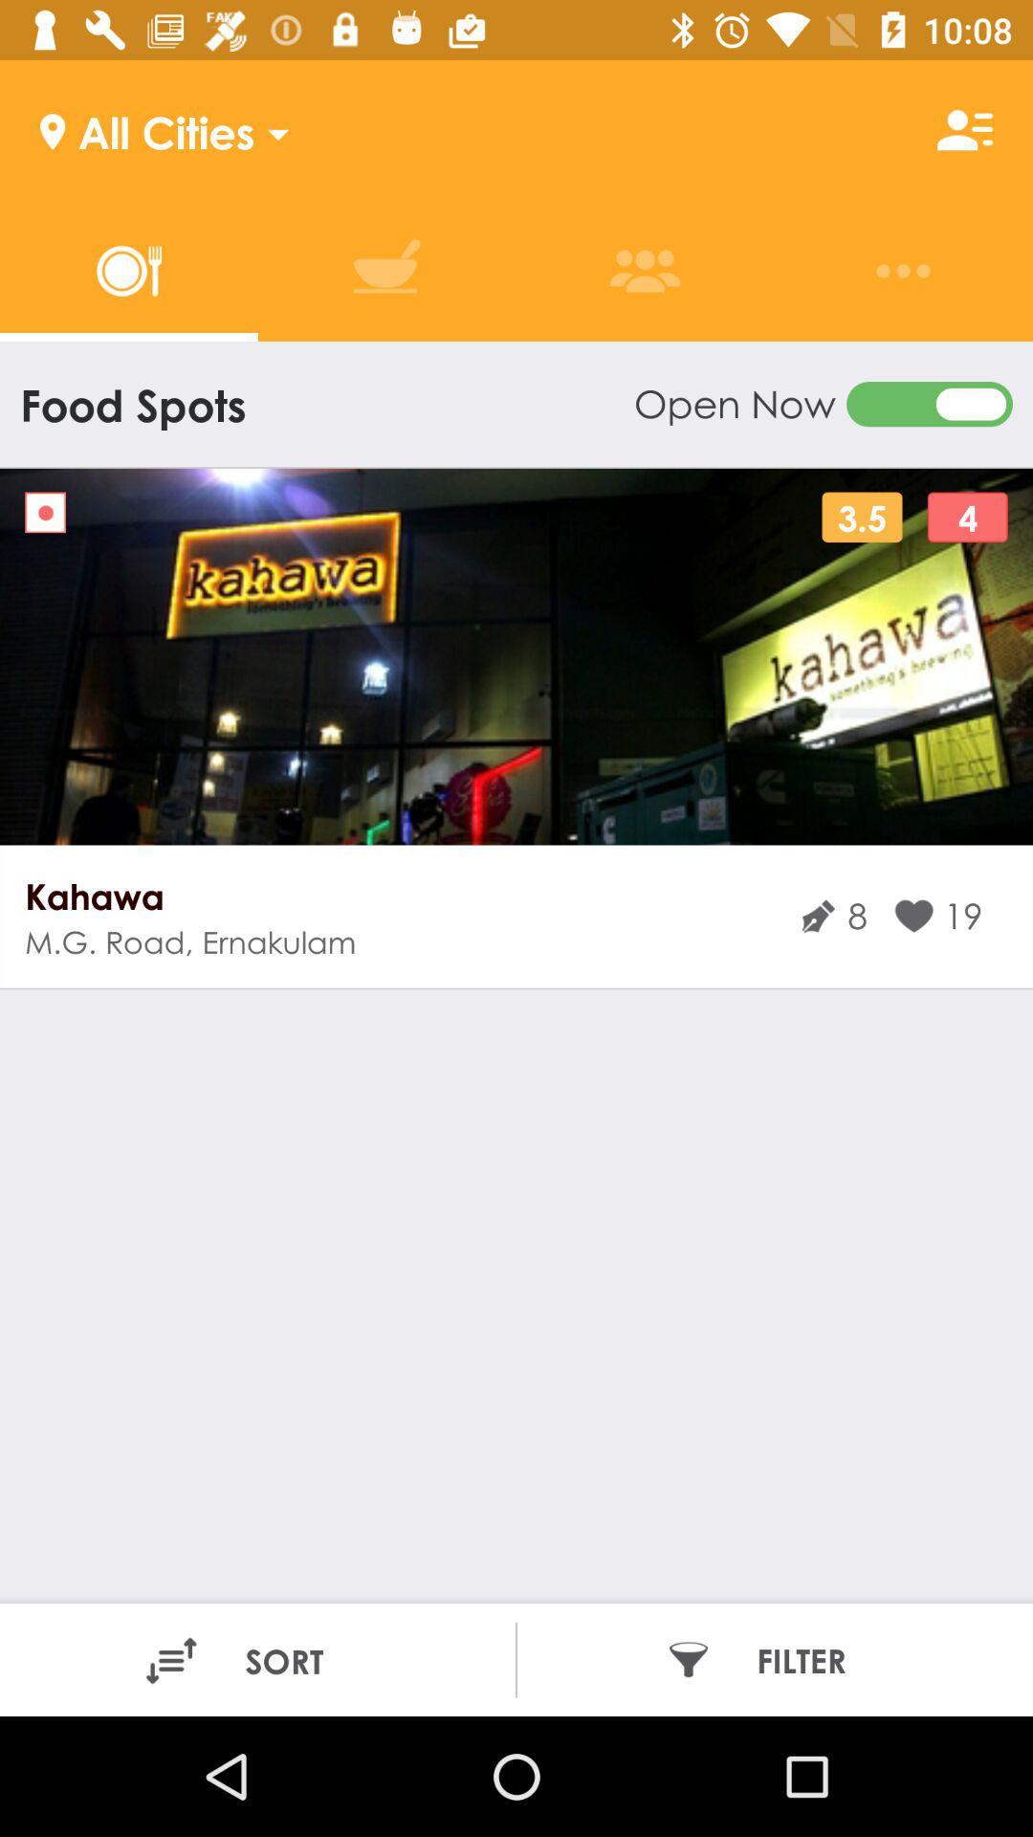 This screenshot has height=1837, width=1033. What do you see at coordinates (272, 128) in the screenshot?
I see `the drop down right to all cities` at bounding box center [272, 128].